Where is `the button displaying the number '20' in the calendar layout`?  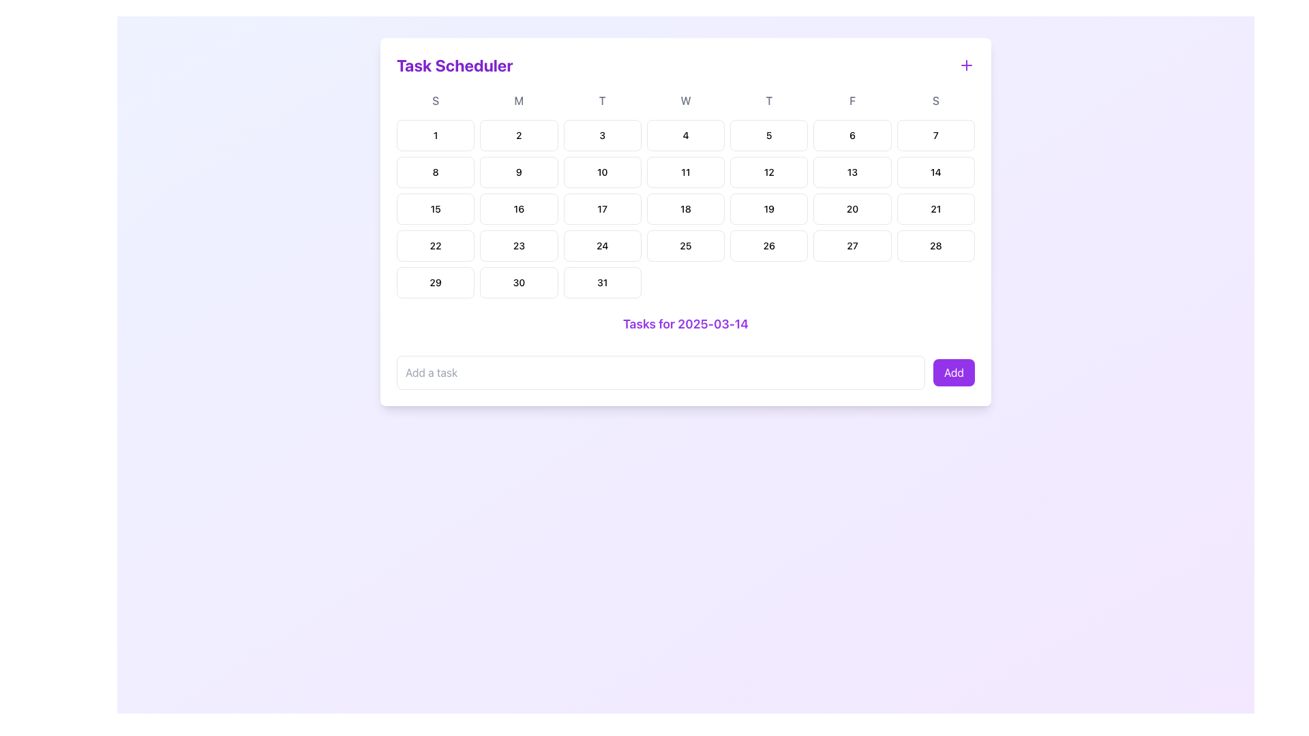
the button displaying the number '20' in the calendar layout is located at coordinates (852, 209).